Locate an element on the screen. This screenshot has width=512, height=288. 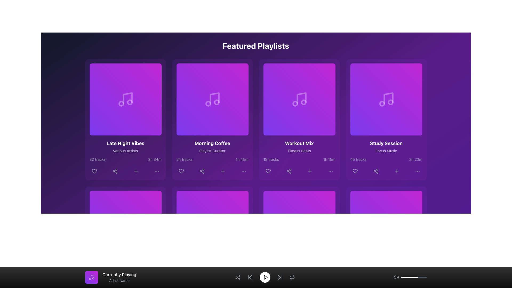
the vertical line vector graphic element within the music icon in the second playlist card labeled 'Morning Coffee', positioned in the middle of the top row of a 3x4 grid layout is located at coordinates (214, 98).